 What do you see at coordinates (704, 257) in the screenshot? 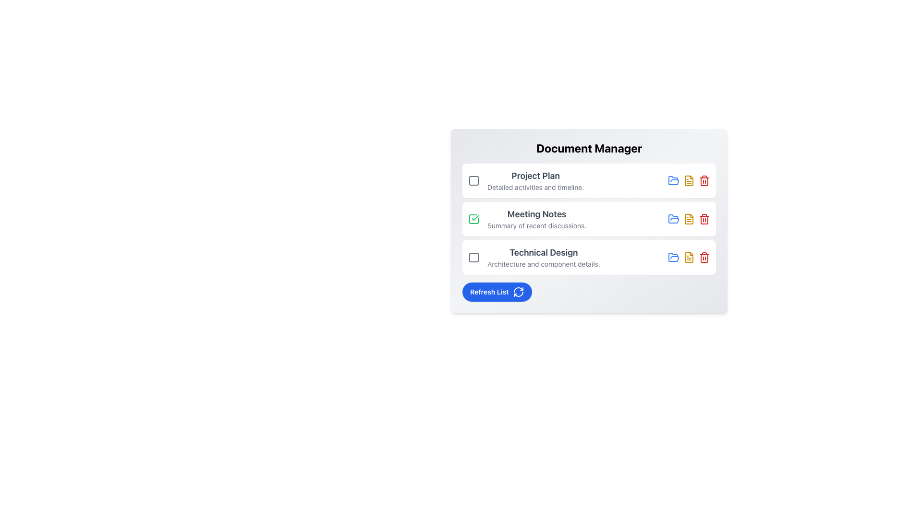
I see `the red trash can icon, which is the third and rightmost icon` at bounding box center [704, 257].